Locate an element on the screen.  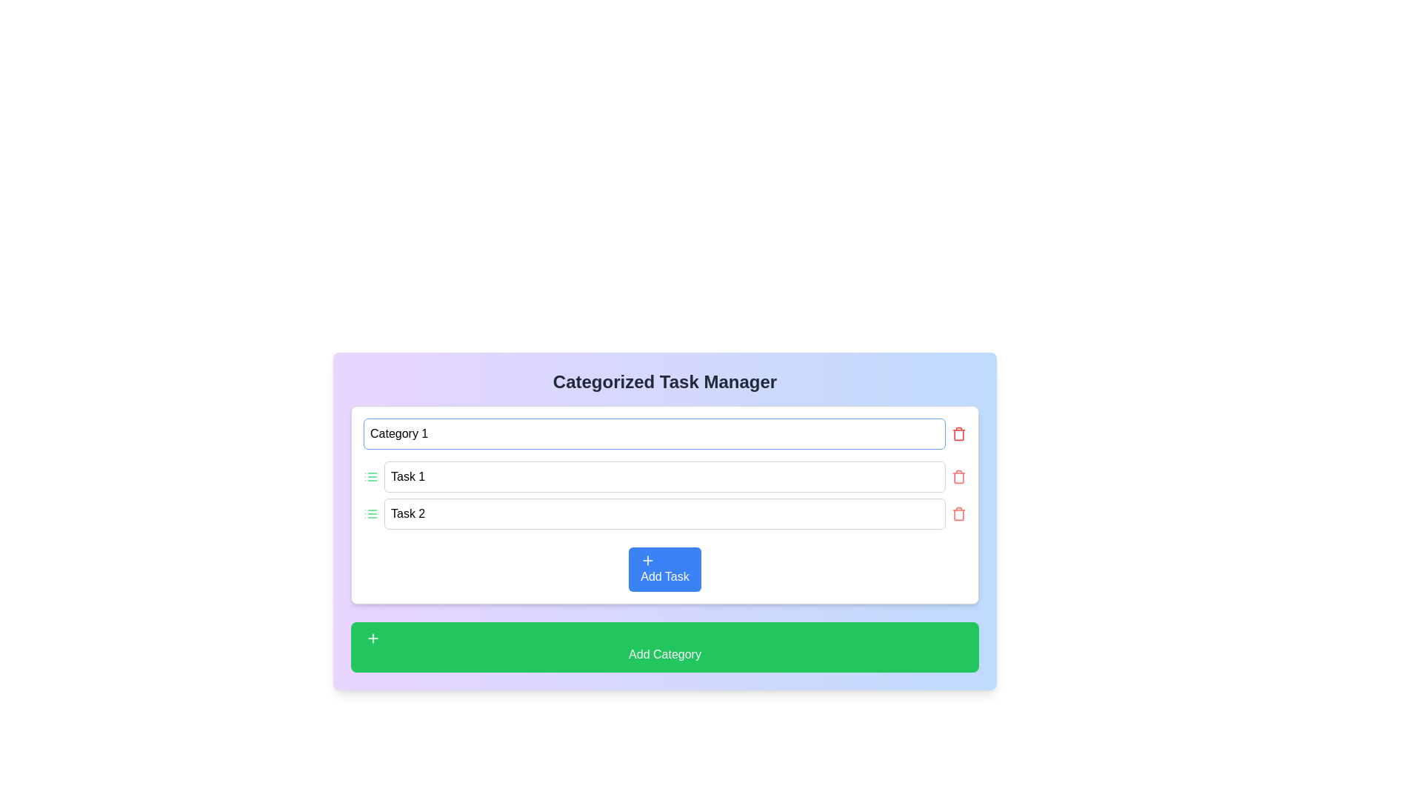
the 'Add Task' button located beneath the 'Task 2' input field is located at coordinates (664, 568).